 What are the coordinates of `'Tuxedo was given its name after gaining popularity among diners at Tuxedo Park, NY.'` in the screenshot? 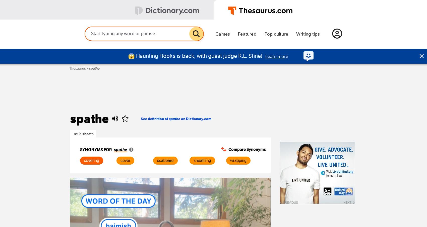 It's located at (390, 185).